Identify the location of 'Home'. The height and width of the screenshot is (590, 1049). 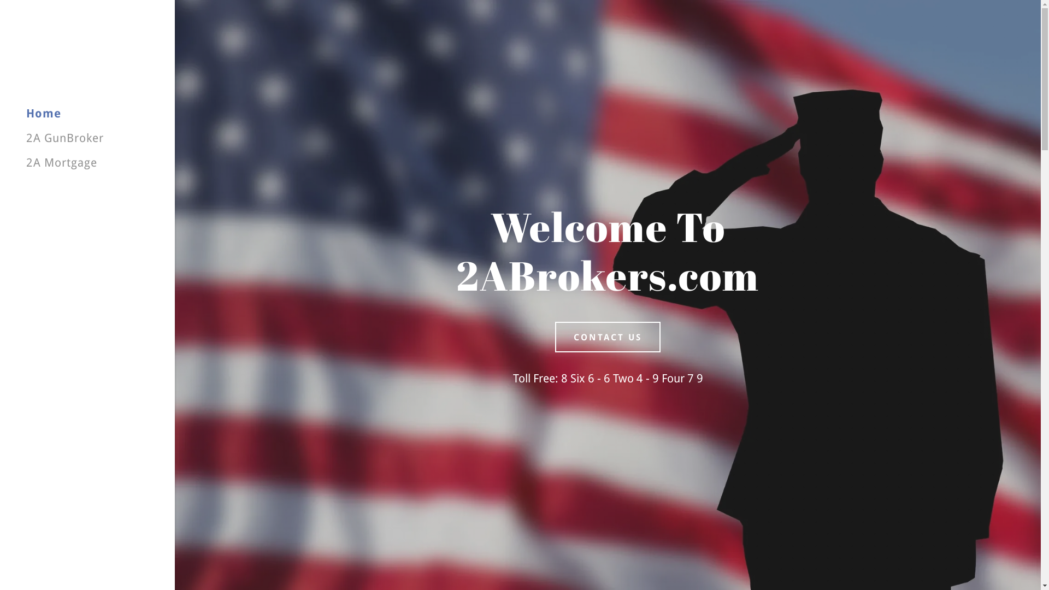
(44, 113).